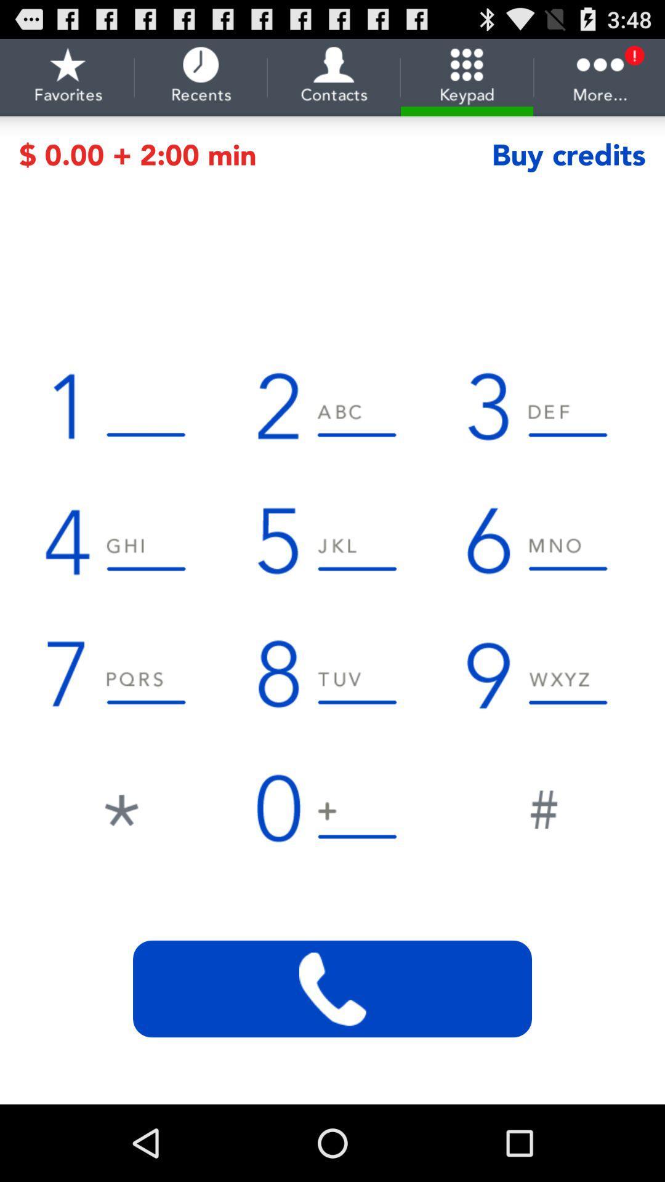 The width and height of the screenshot is (665, 1182). What do you see at coordinates (568, 155) in the screenshot?
I see `the item to the right of the 0 00 2` at bounding box center [568, 155].